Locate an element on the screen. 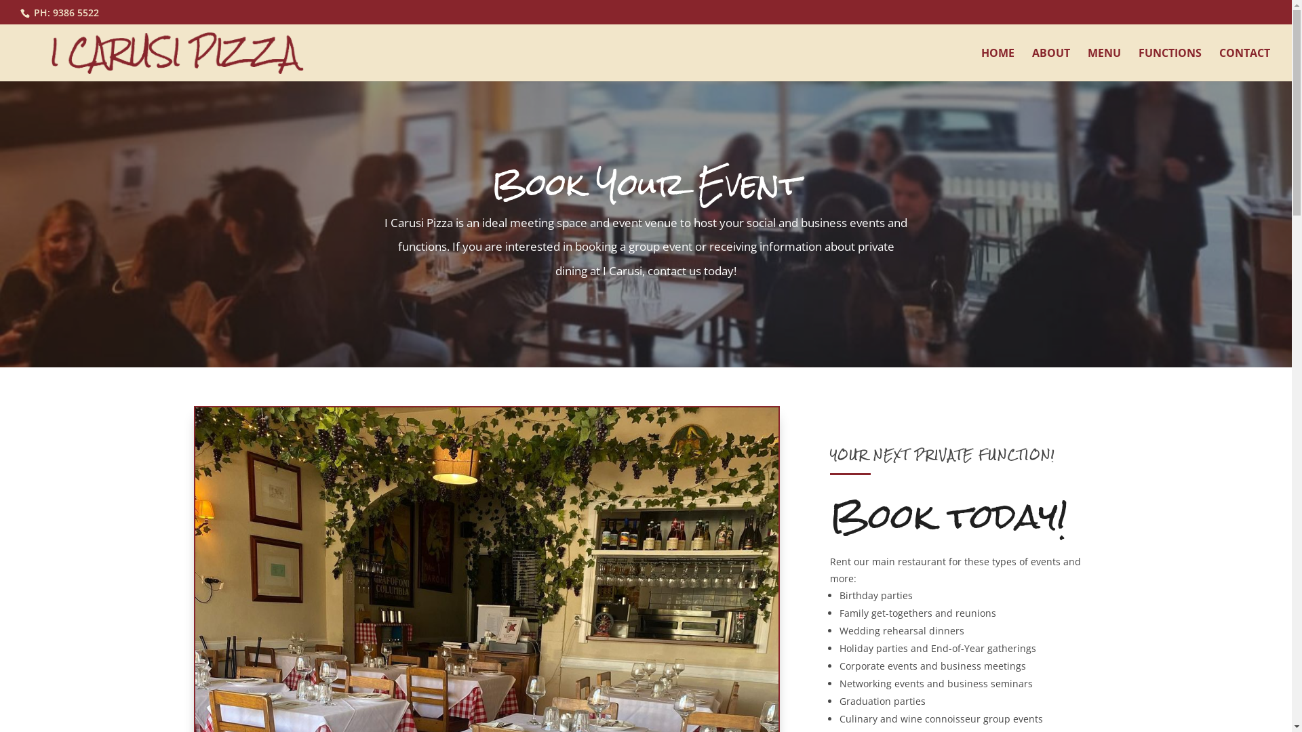 Image resolution: width=1302 pixels, height=732 pixels. 'HOME' is located at coordinates (998, 64).